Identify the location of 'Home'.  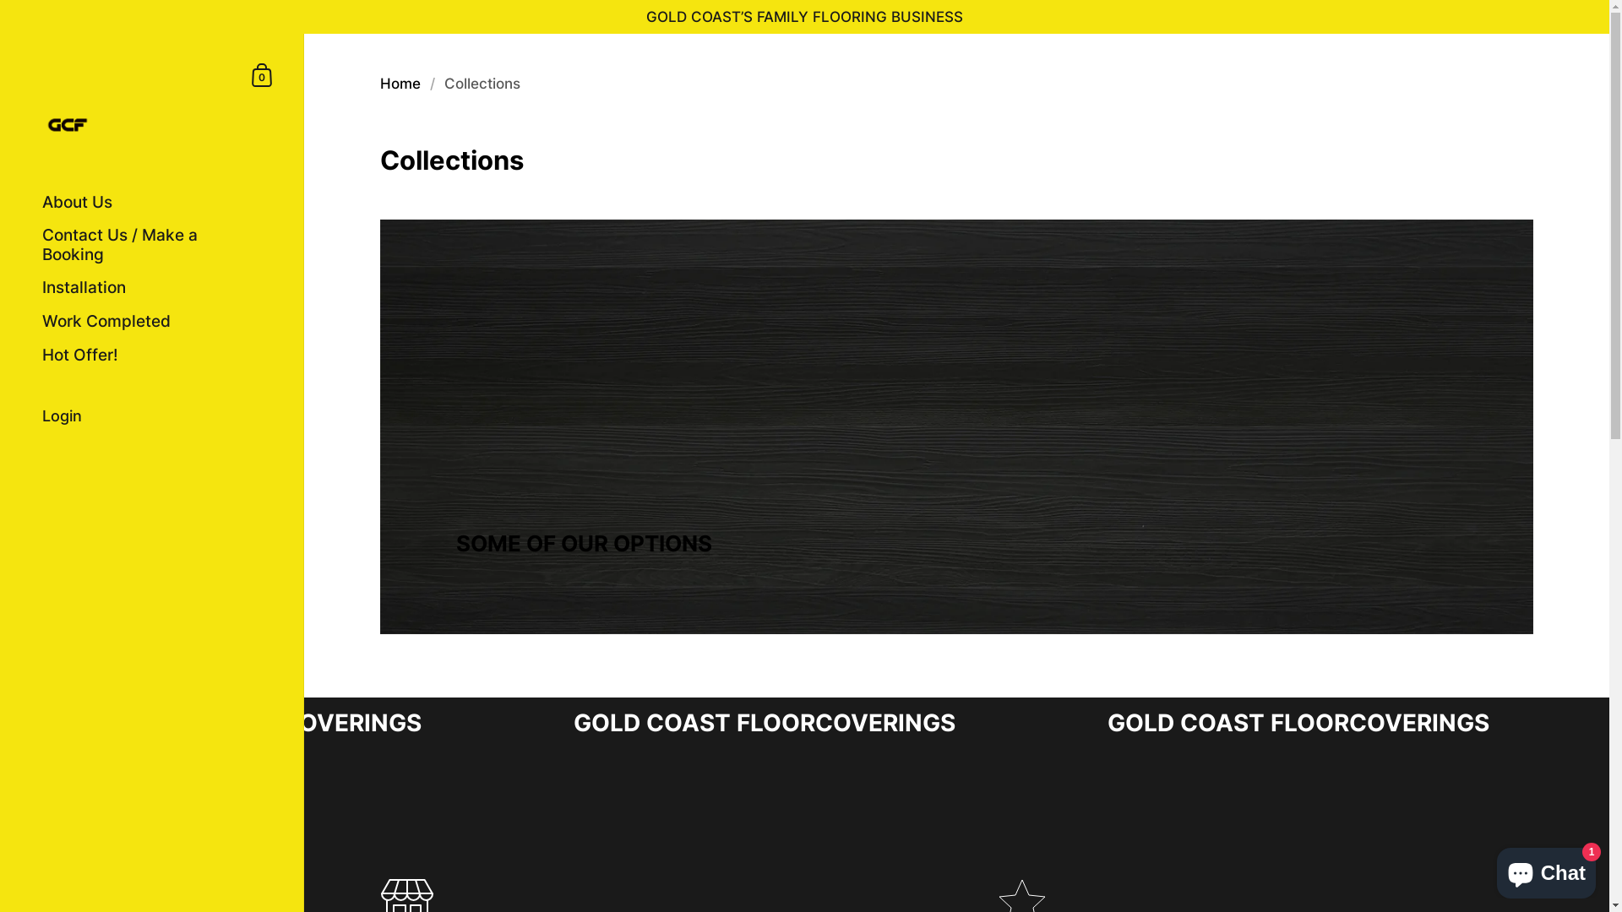
(400, 84).